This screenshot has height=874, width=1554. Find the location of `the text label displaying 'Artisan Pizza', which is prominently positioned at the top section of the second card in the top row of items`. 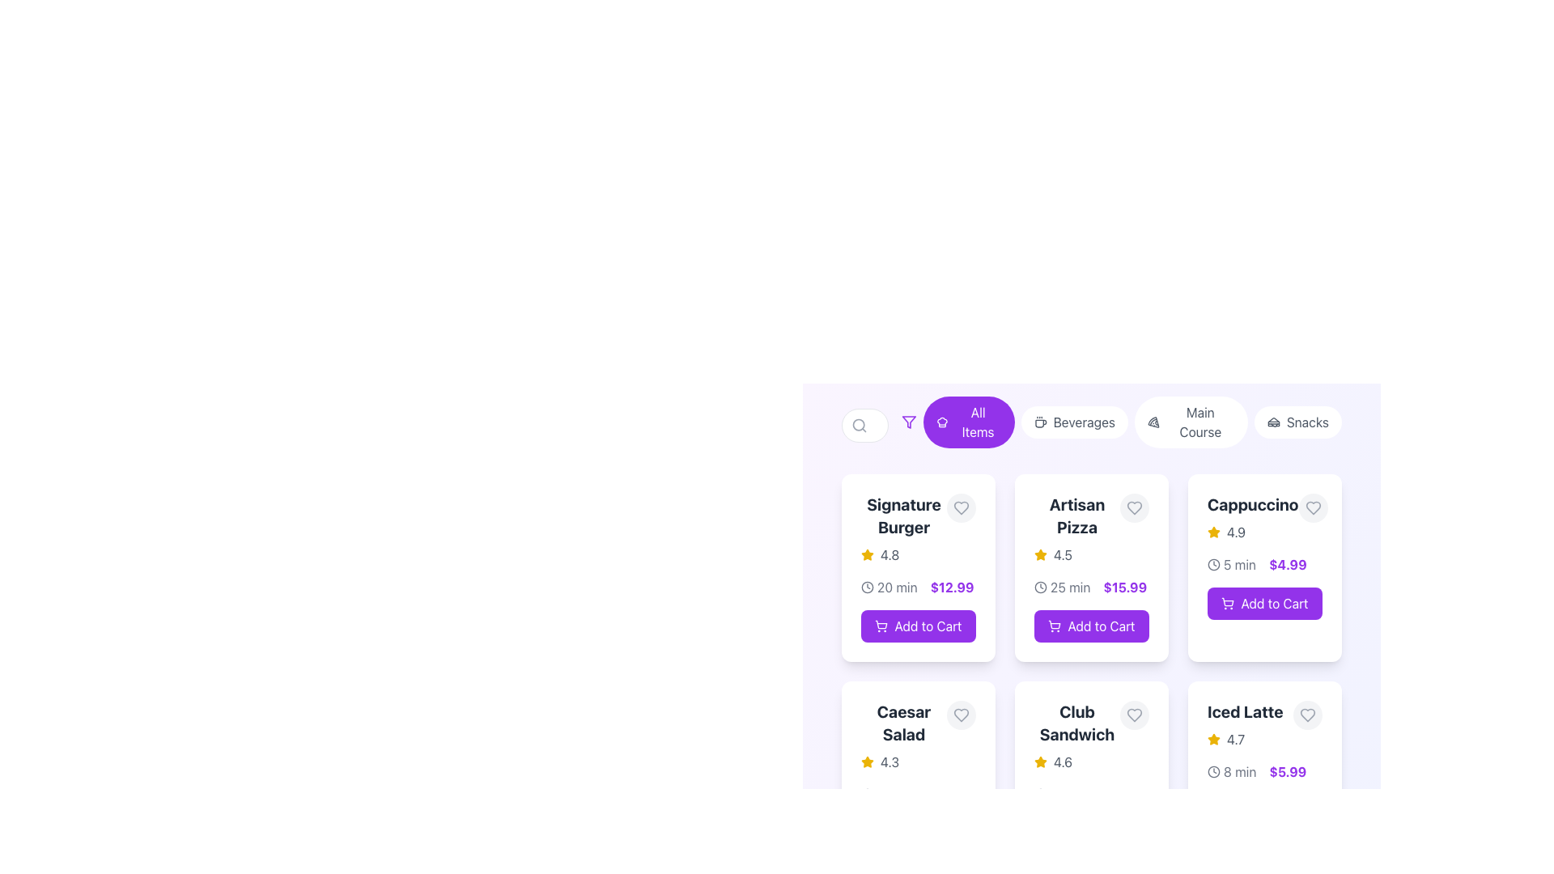

the text label displaying 'Artisan Pizza', which is prominently positioned at the top section of the second card in the top row of items is located at coordinates (1076, 515).